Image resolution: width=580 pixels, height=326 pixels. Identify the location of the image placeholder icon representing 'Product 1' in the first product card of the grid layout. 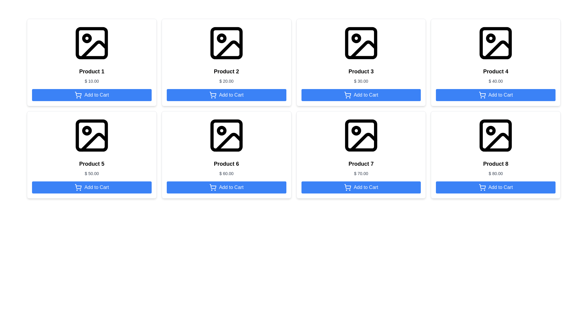
(91, 43).